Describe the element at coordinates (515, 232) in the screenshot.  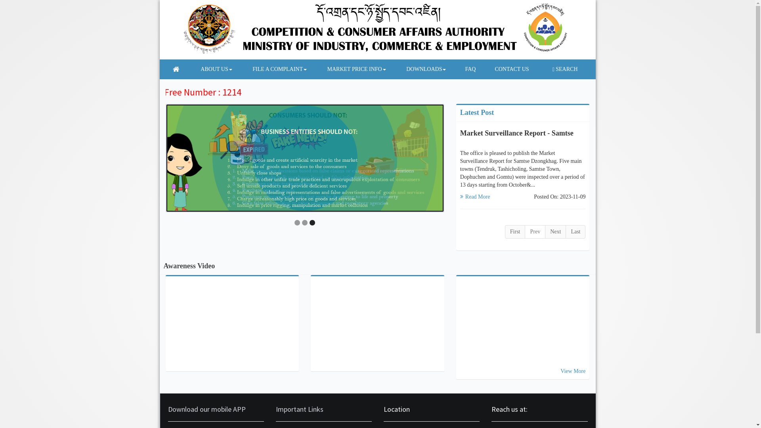
I see `'First'` at that location.